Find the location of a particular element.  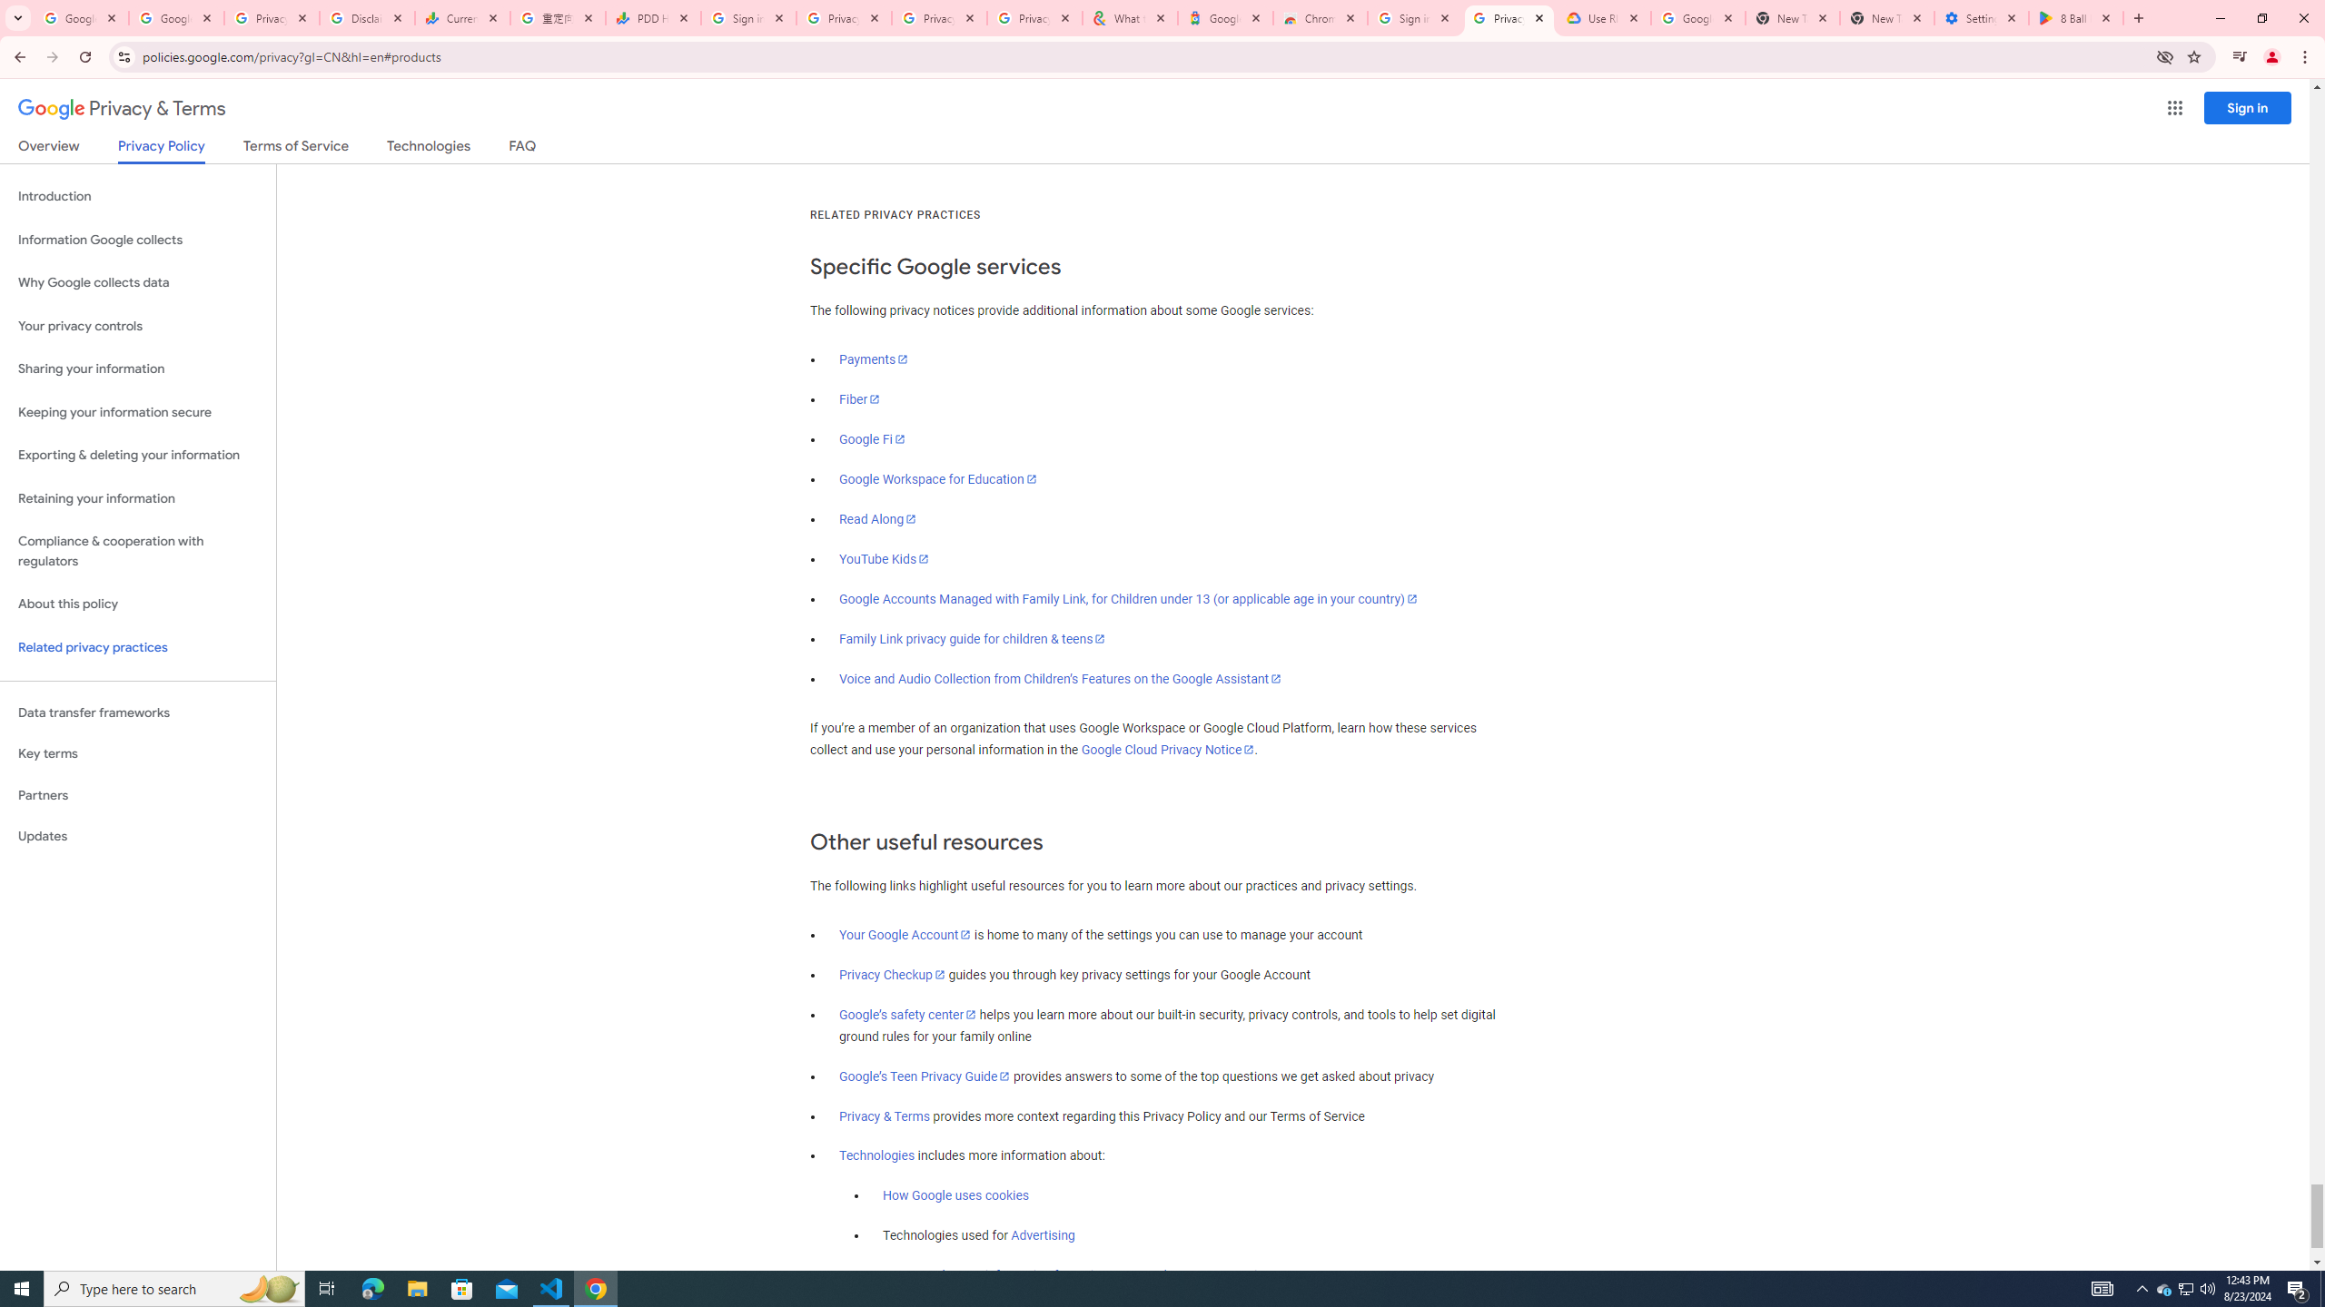

'About this policy' is located at coordinates (137, 604).